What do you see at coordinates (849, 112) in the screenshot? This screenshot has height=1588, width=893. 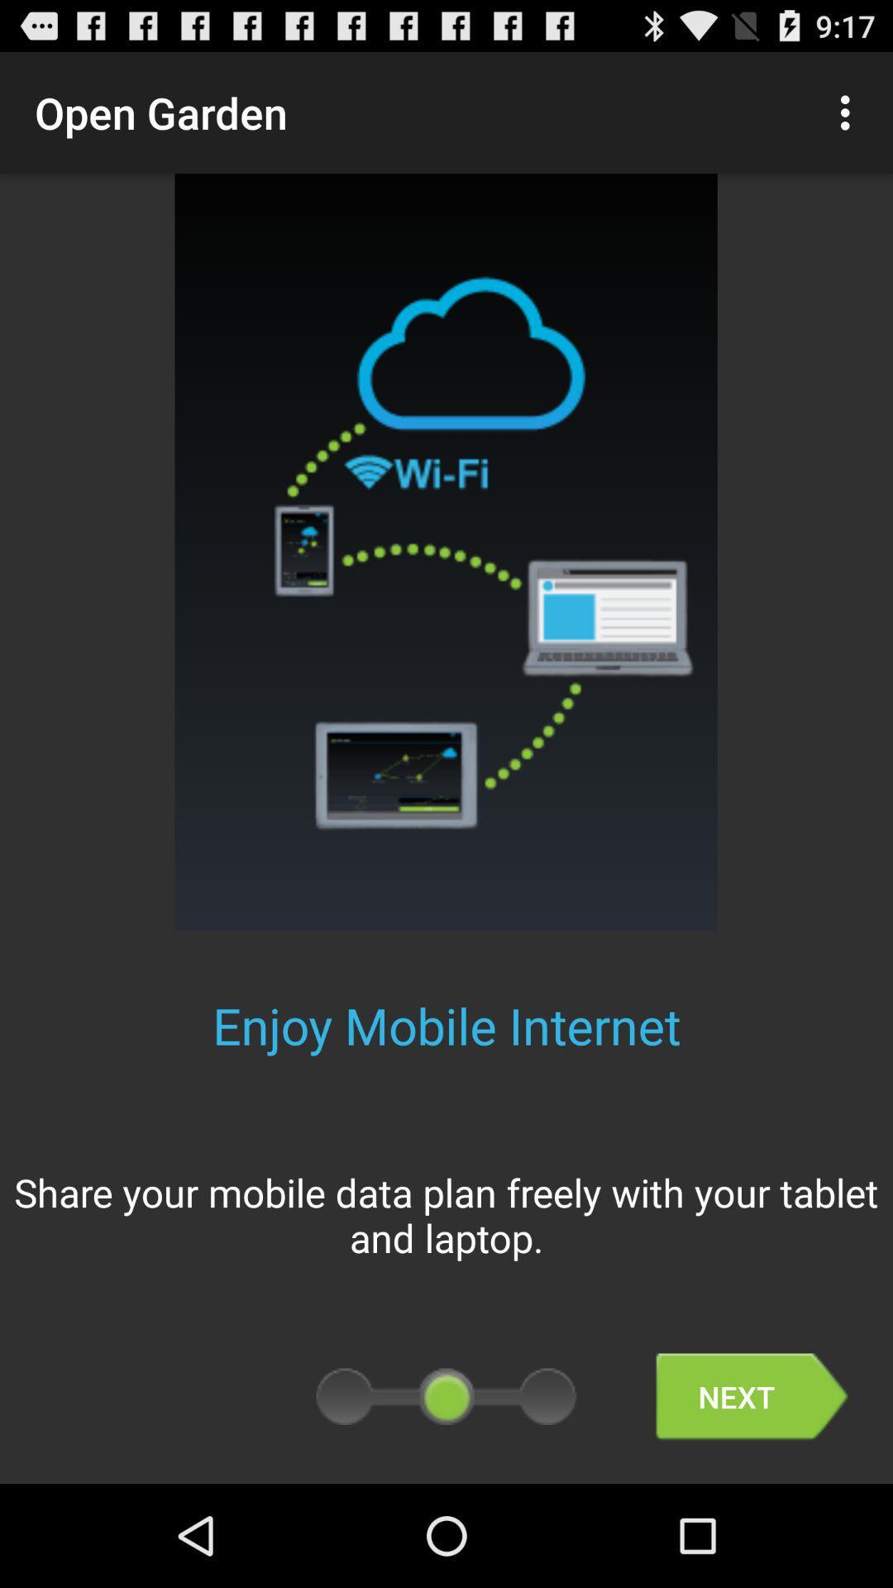 I see `the icon at the top right corner` at bounding box center [849, 112].